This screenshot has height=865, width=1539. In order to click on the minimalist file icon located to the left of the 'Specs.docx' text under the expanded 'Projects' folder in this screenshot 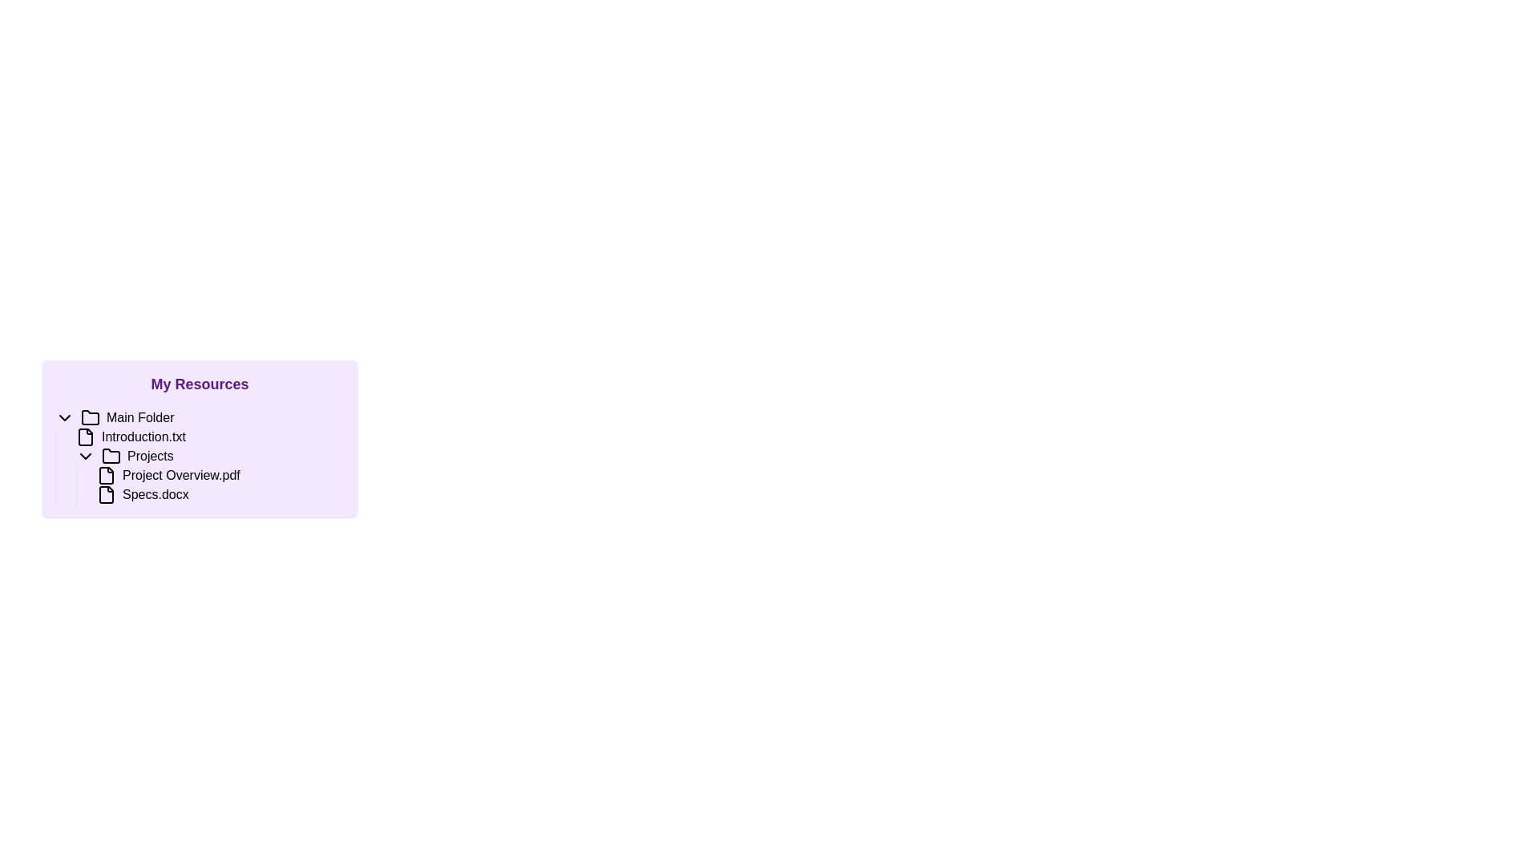, I will do `click(106, 493)`.